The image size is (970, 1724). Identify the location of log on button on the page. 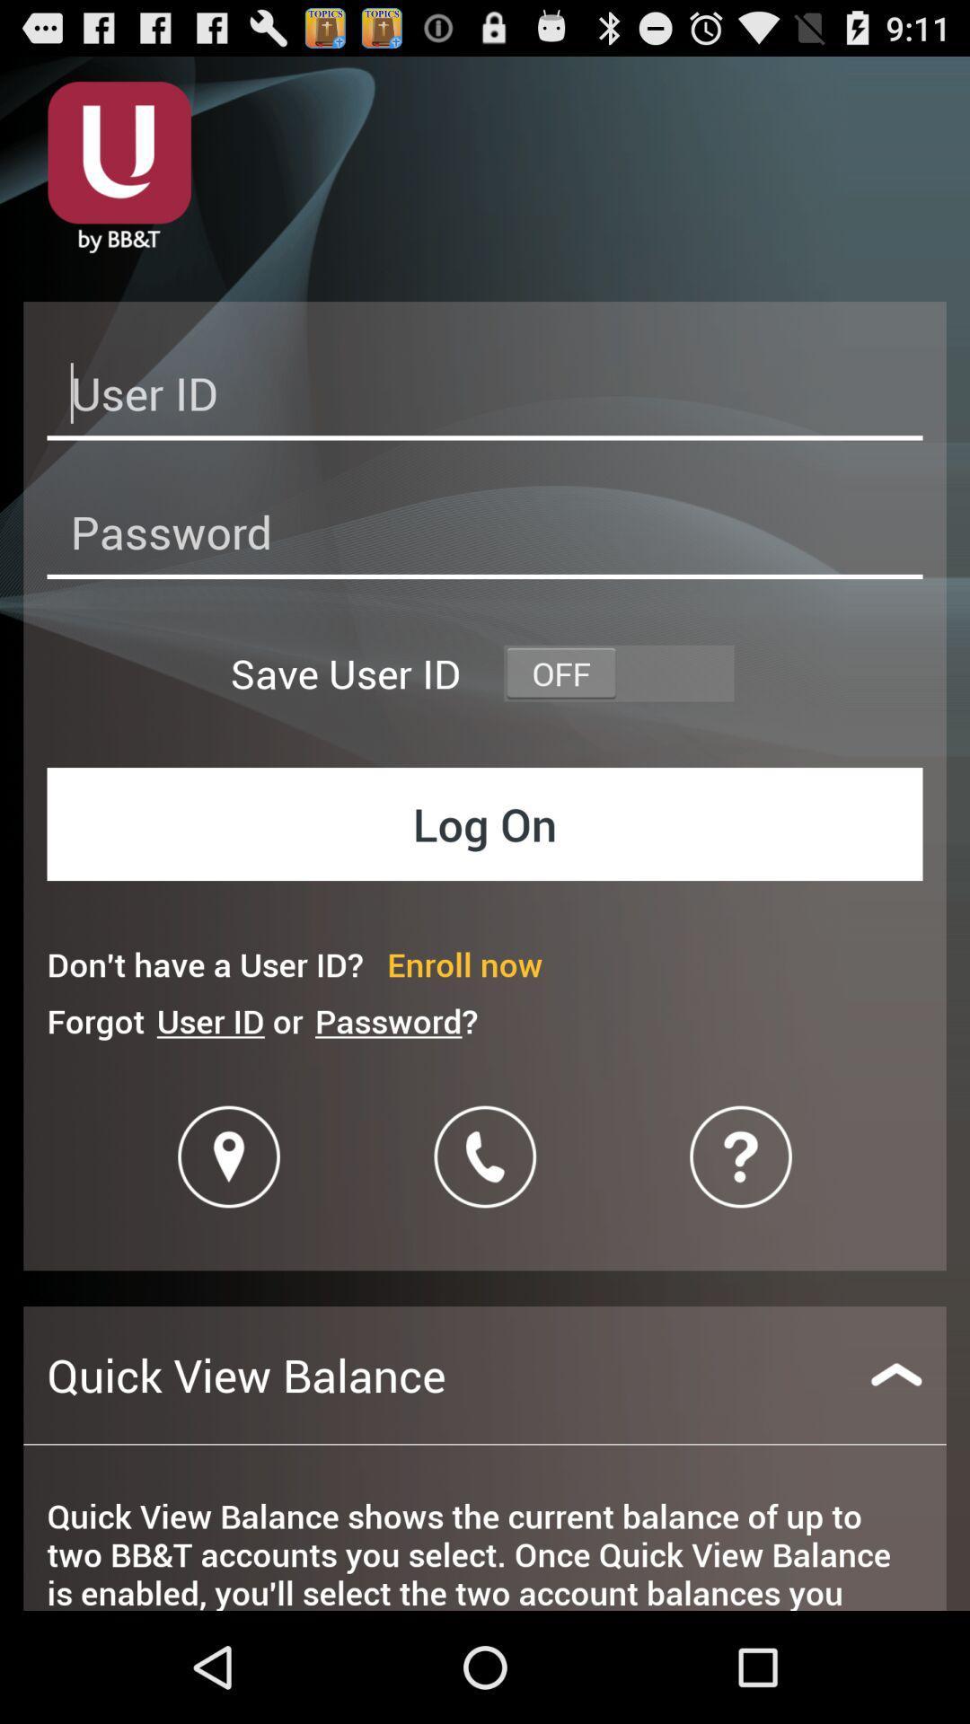
(485, 822).